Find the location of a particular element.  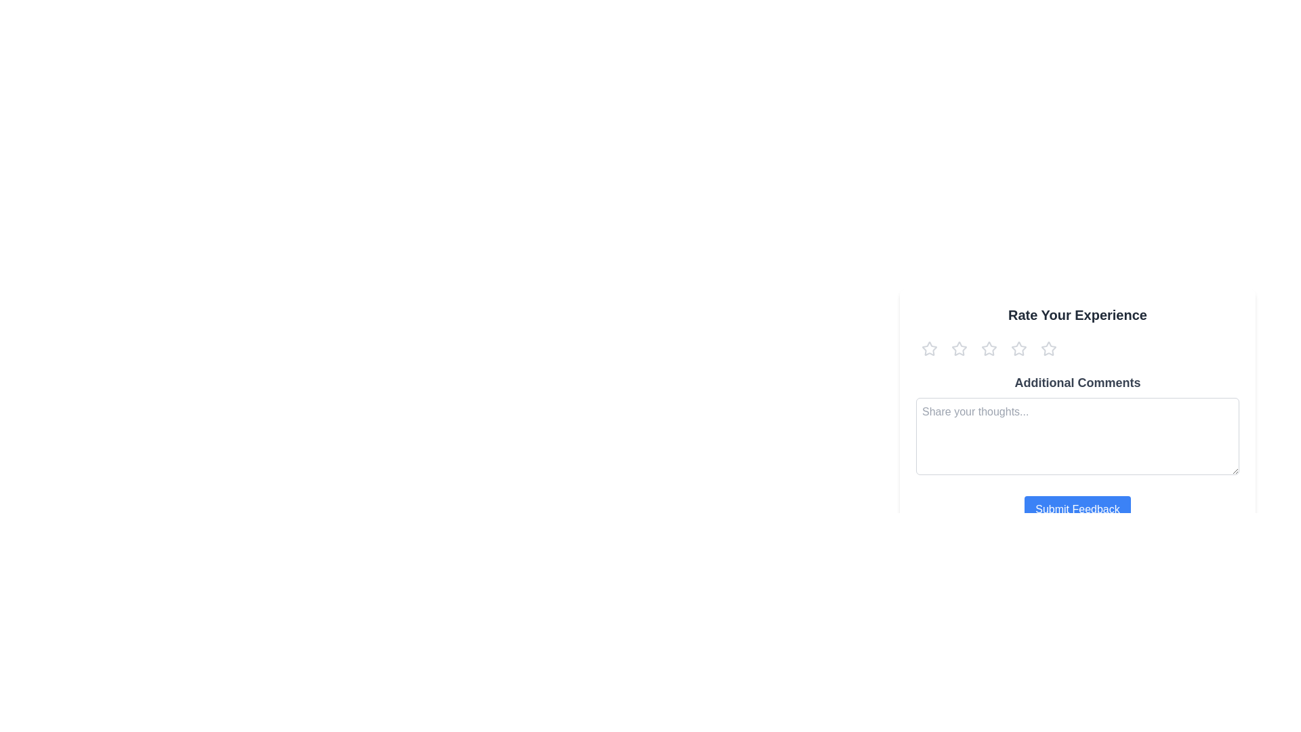

the third star icon in the horizontal rating layout is located at coordinates (989, 348).